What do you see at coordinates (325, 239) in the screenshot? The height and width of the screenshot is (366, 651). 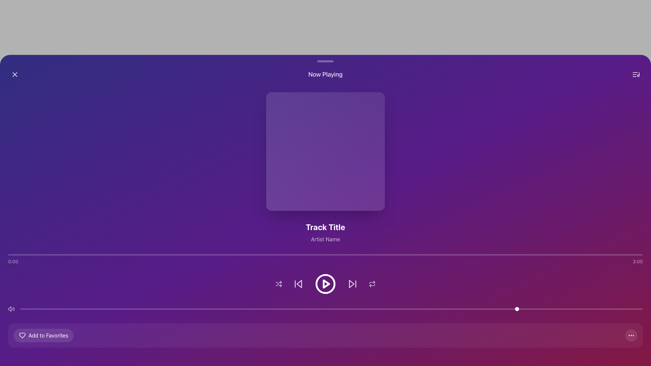 I see `the text label that provides information about the artist of the currently playing track, located directly beneath the 'Track Title' text and below the album artwork section` at bounding box center [325, 239].